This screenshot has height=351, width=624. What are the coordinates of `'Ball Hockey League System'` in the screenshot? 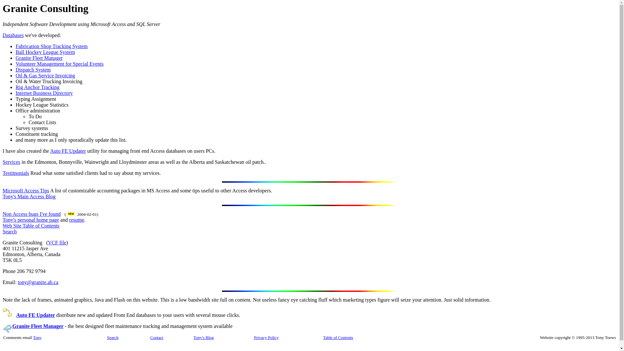 It's located at (45, 52).